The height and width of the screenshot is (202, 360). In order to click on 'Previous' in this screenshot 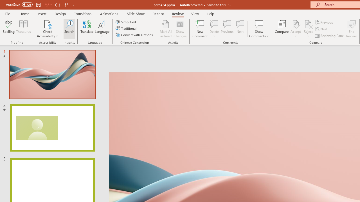, I will do `click(324, 22)`.